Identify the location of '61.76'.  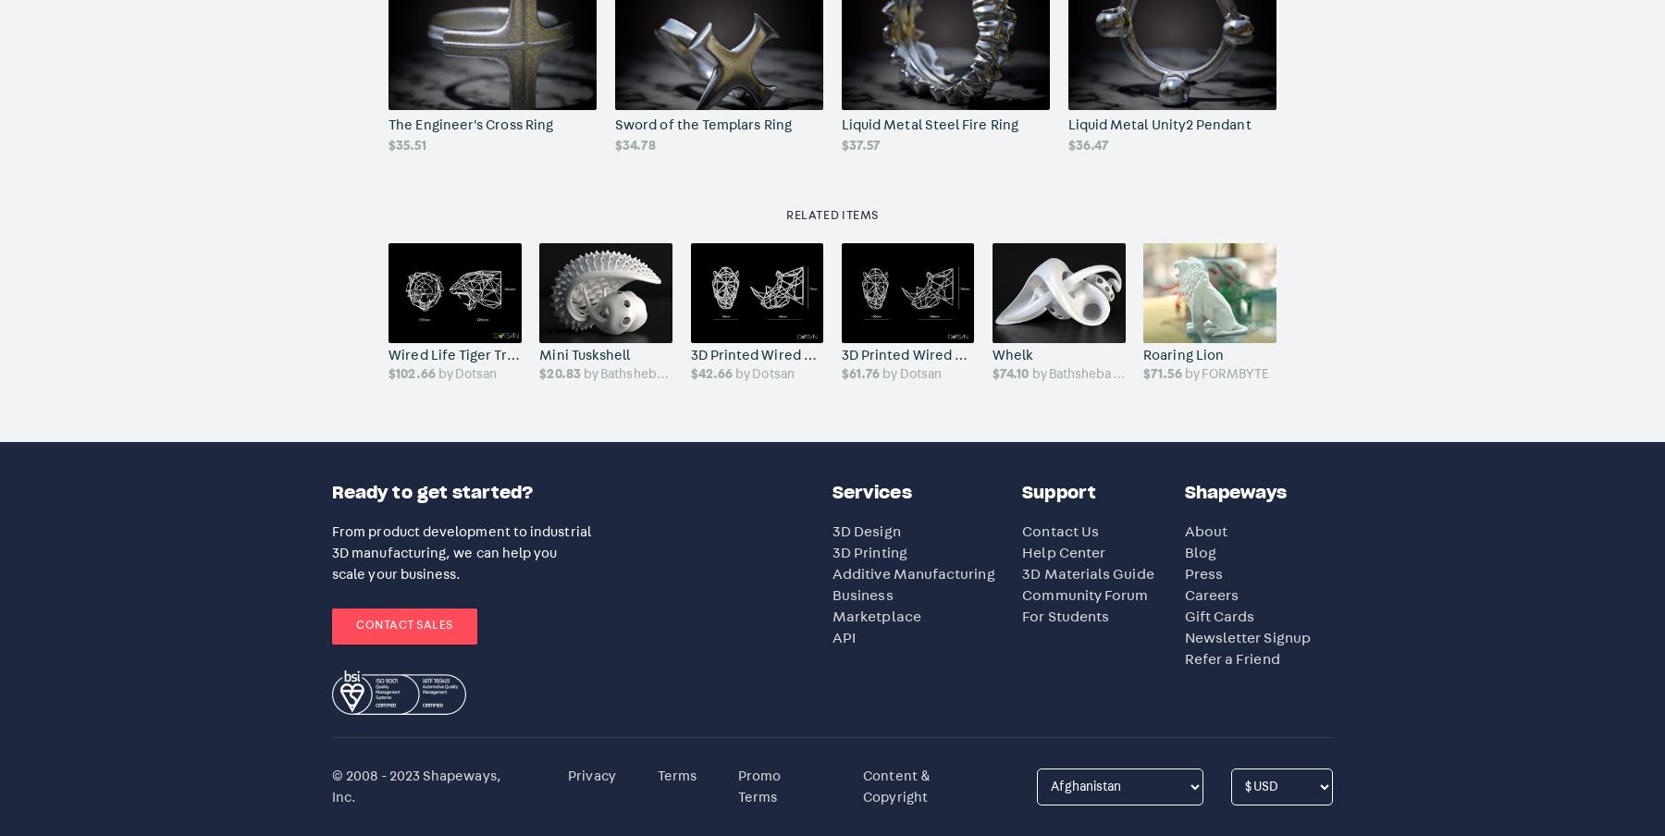
(863, 374).